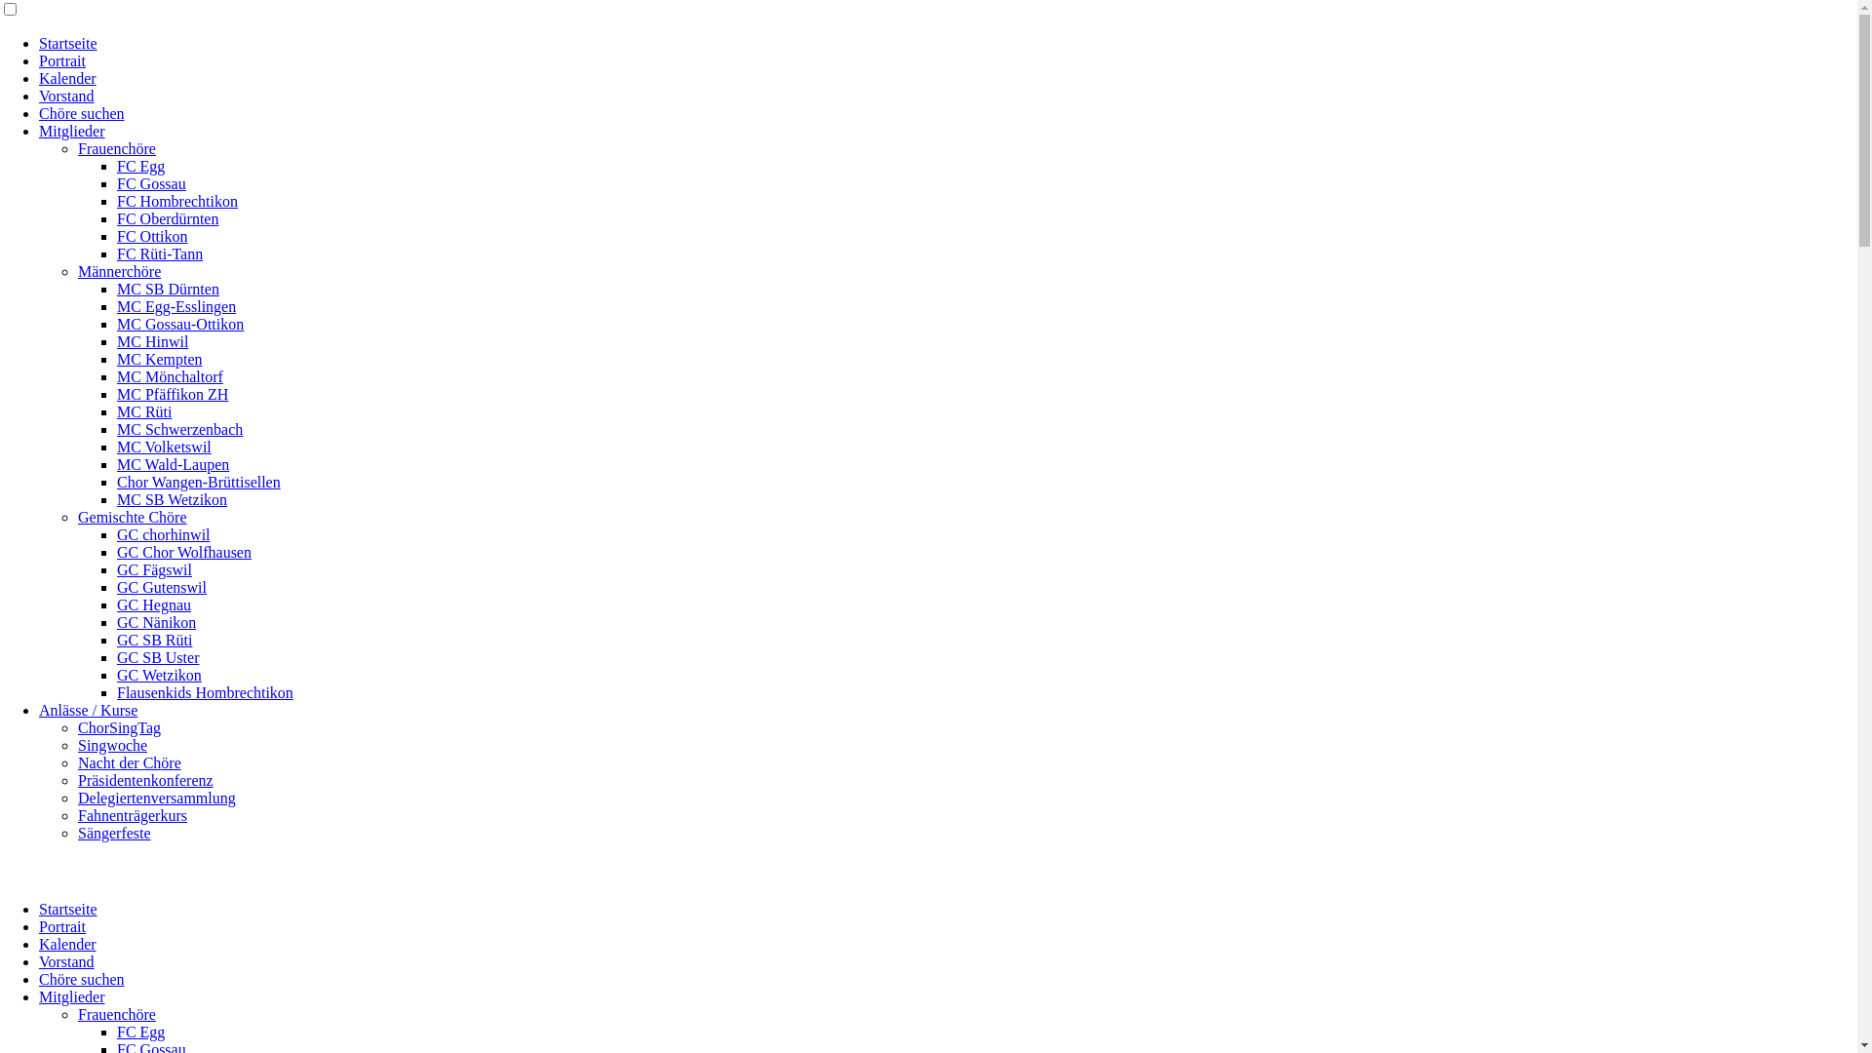 This screenshot has width=1872, height=1053. What do you see at coordinates (180, 323) in the screenshot?
I see `'MC Gossau-Ottikon'` at bounding box center [180, 323].